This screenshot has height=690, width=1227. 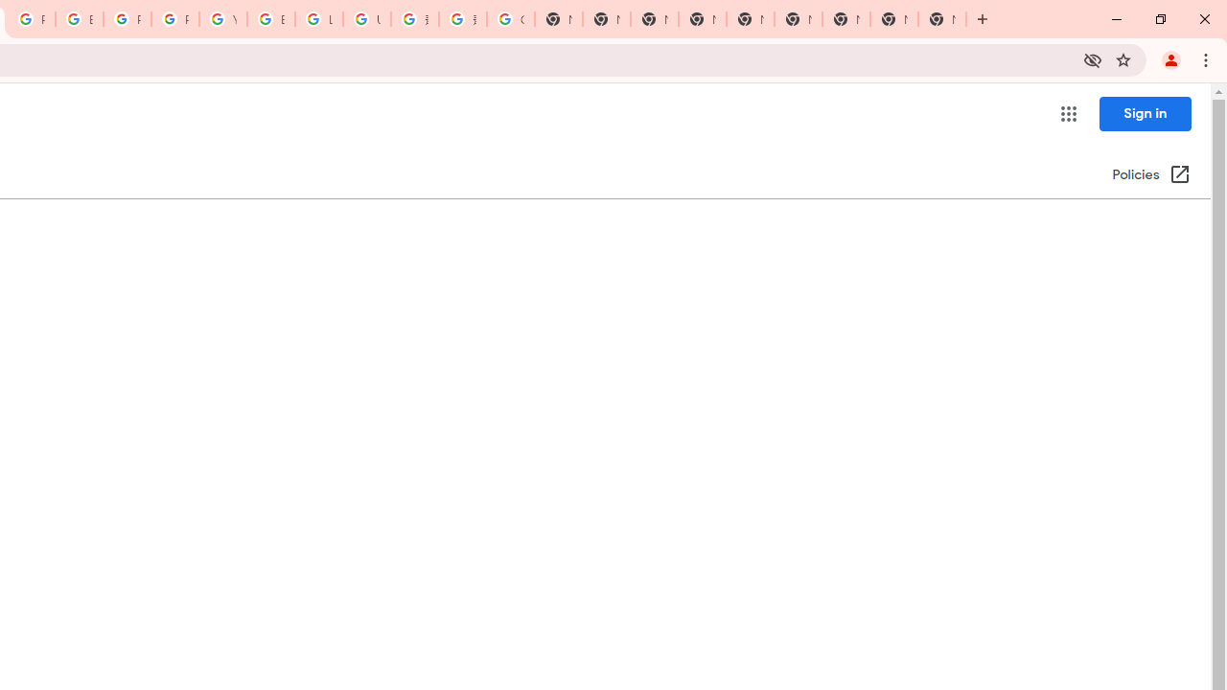 What do you see at coordinates (511, 19) in the screenshot?
I see `'Google Images'` at bounding box center [511, 19].